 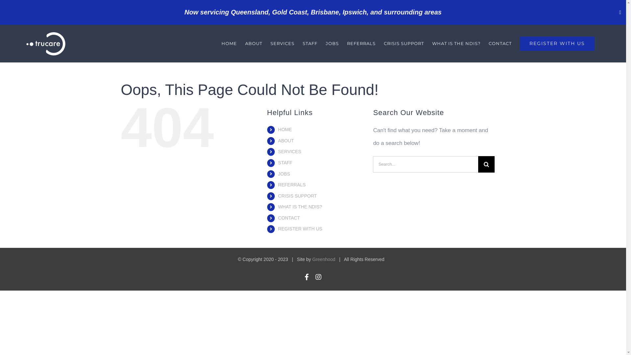 What do you see at coordinates (310, 43) in the screenshot?
I see `'STAFF'` at bounding box center [310, 43].